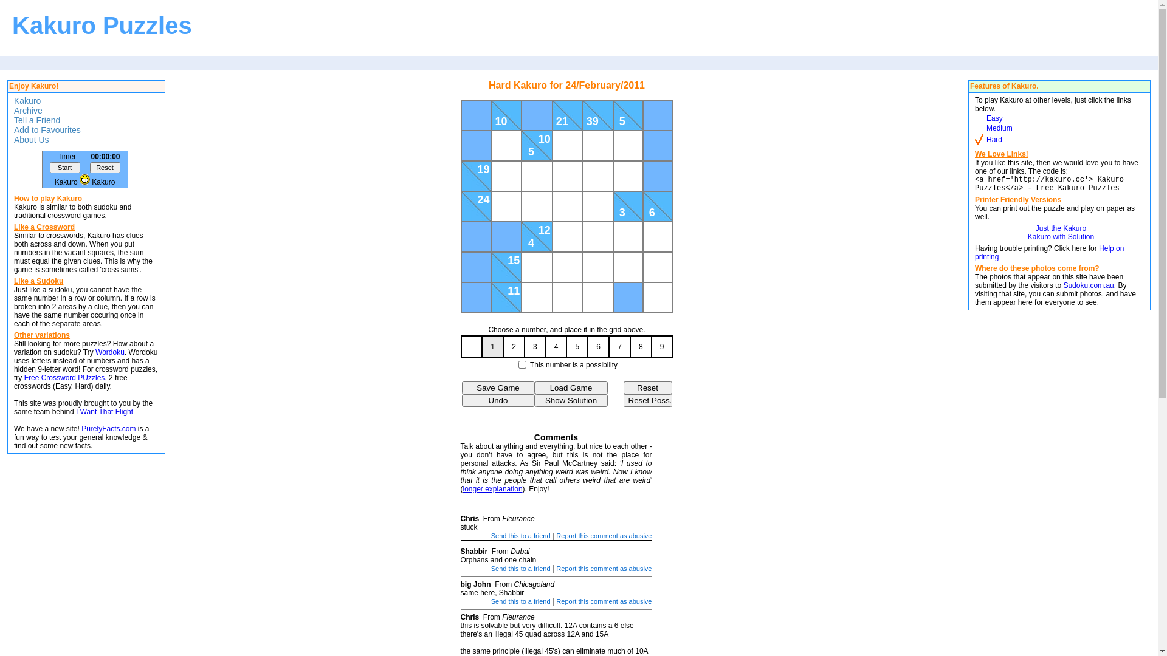 The image size is (1167, 656). What do you see at coordinates (81, 428) in the screenshot?
I see `'PurelyFacts.com'` at bounding box center [81, 428].